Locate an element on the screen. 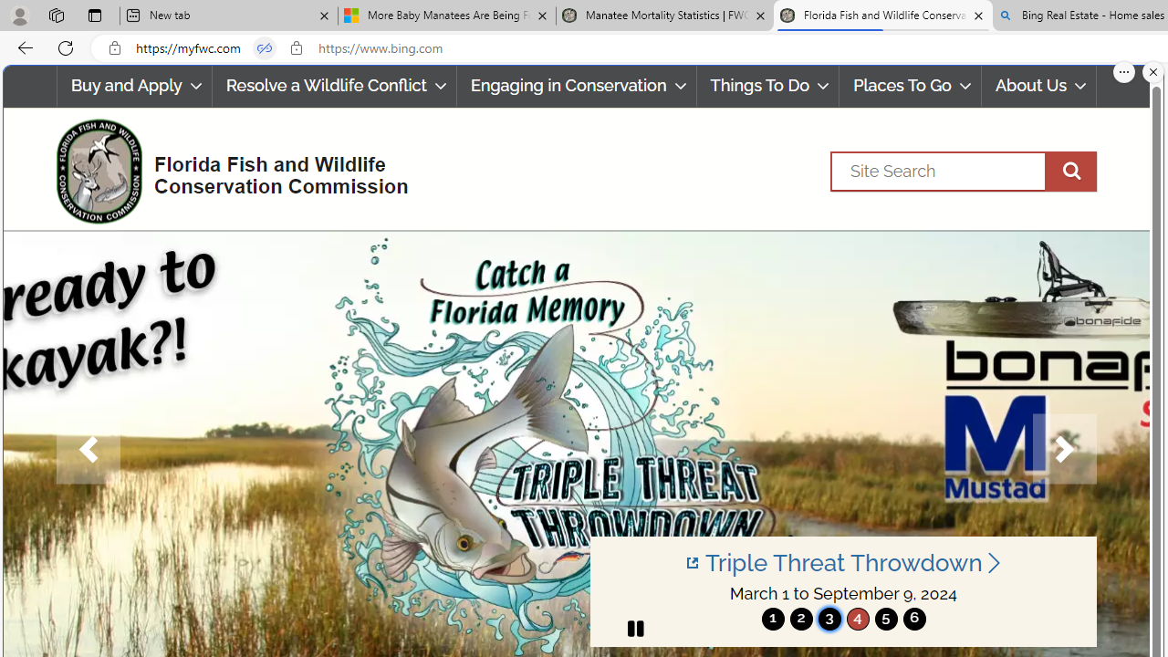 The height and width of the screenshot is (657, 1168). 'View site information' is located at coordinates (297, 47).